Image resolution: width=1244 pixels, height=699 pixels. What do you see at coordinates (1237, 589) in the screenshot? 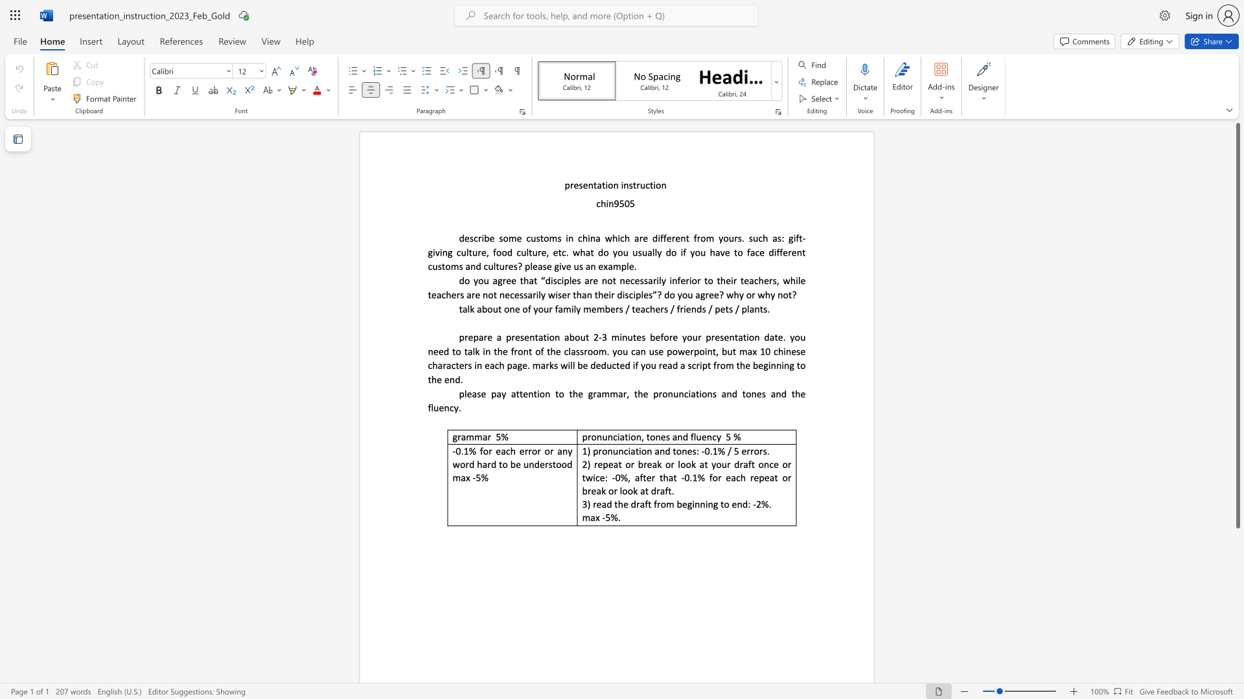
I see `the scrollbar on the right` at bounding box center [1237, 589].